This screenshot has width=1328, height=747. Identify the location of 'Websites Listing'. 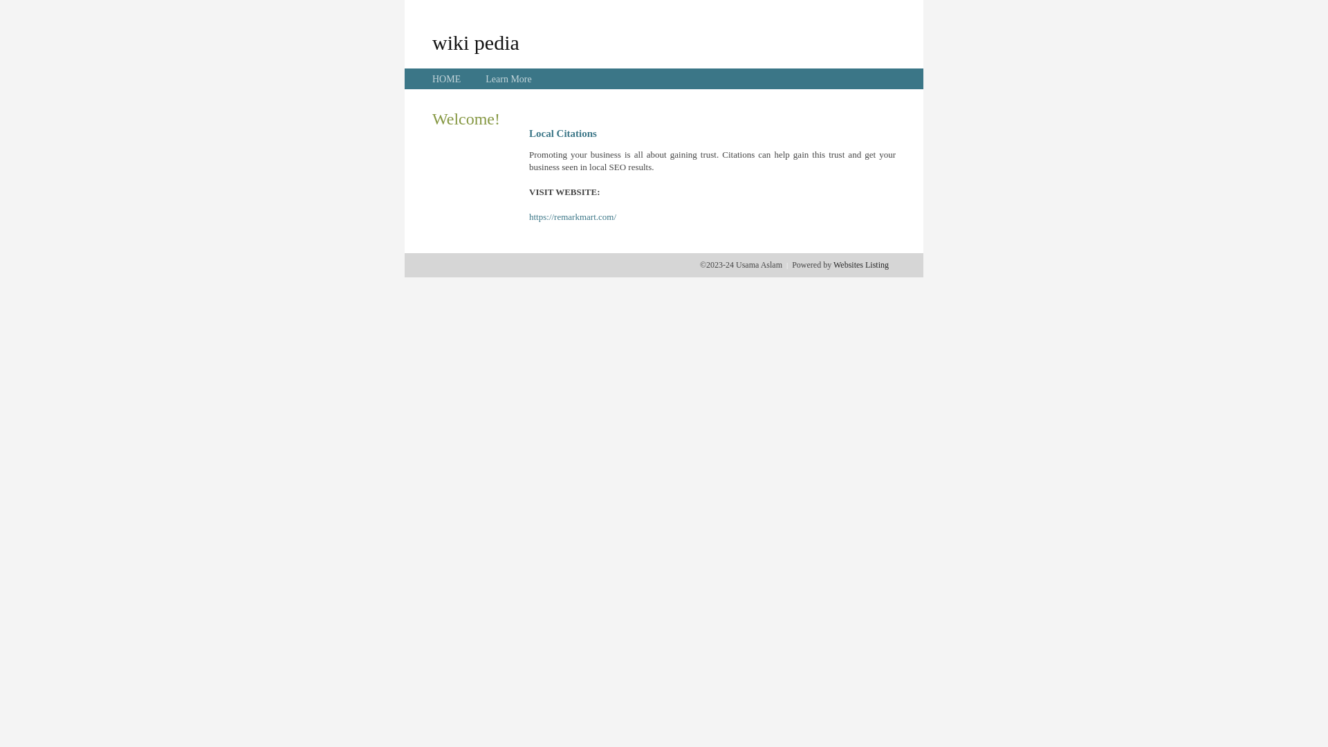
(860, 264).